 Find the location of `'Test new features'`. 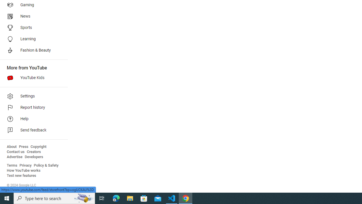

'Test new features' is located at coordinates (21, 175).